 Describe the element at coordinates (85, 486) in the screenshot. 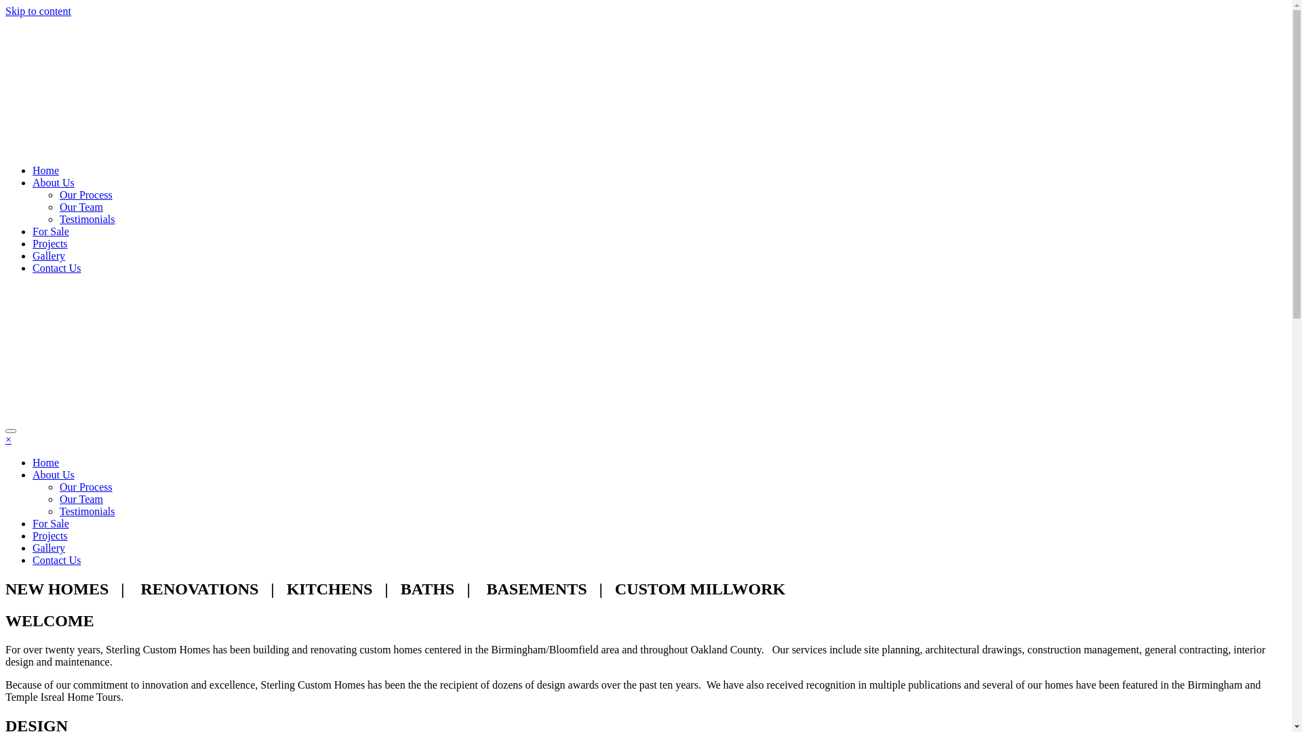

I see `'Our Process'` at that location.